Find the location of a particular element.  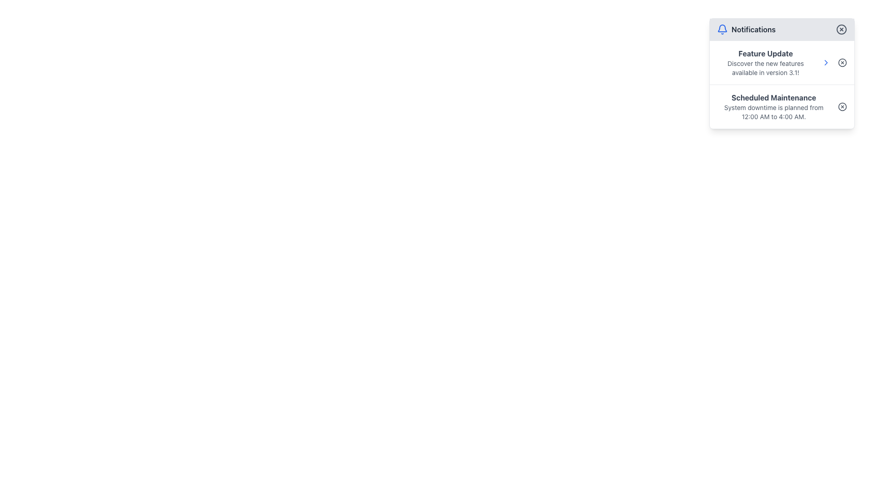

the Notification card in the top-right corner of the interface, which has a white background, rounded corners, and a header labeled 'Notifications' is located at coordinates (781, 73).